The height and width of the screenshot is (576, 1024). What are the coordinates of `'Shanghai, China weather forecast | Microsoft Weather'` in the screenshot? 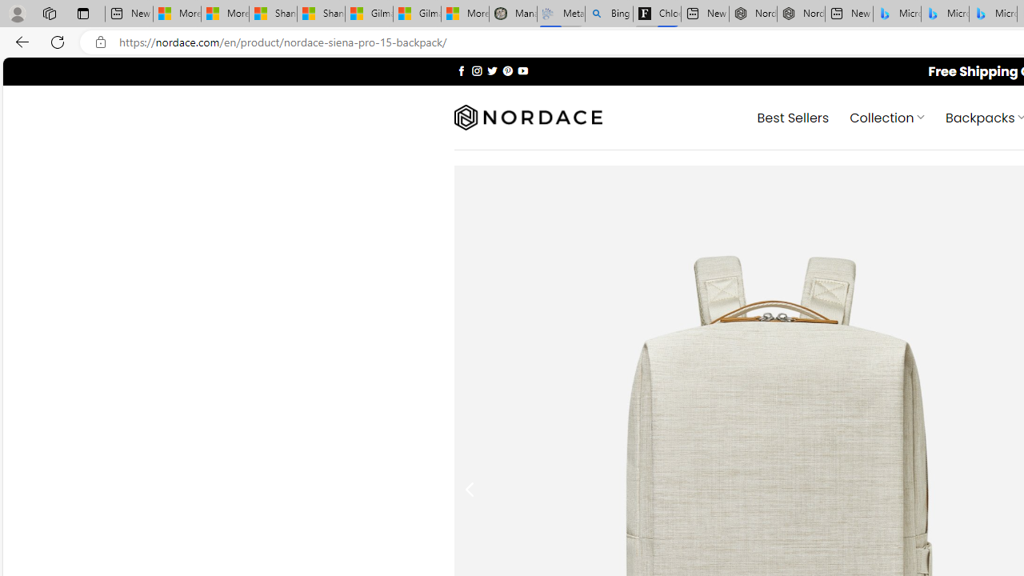 It's located at (320, 14).